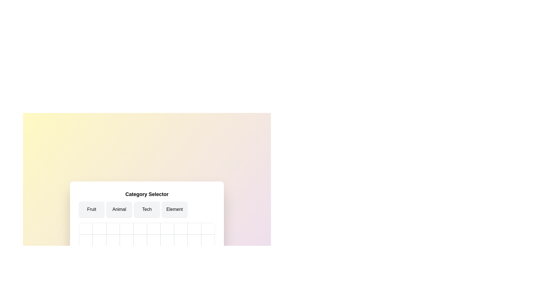 The height and width of the screenshot is (302, 538). What do you see at coordinates (147, 209) in the screenshot?
I see `the category Tech to highlight it` at bounding box center [147, 209].